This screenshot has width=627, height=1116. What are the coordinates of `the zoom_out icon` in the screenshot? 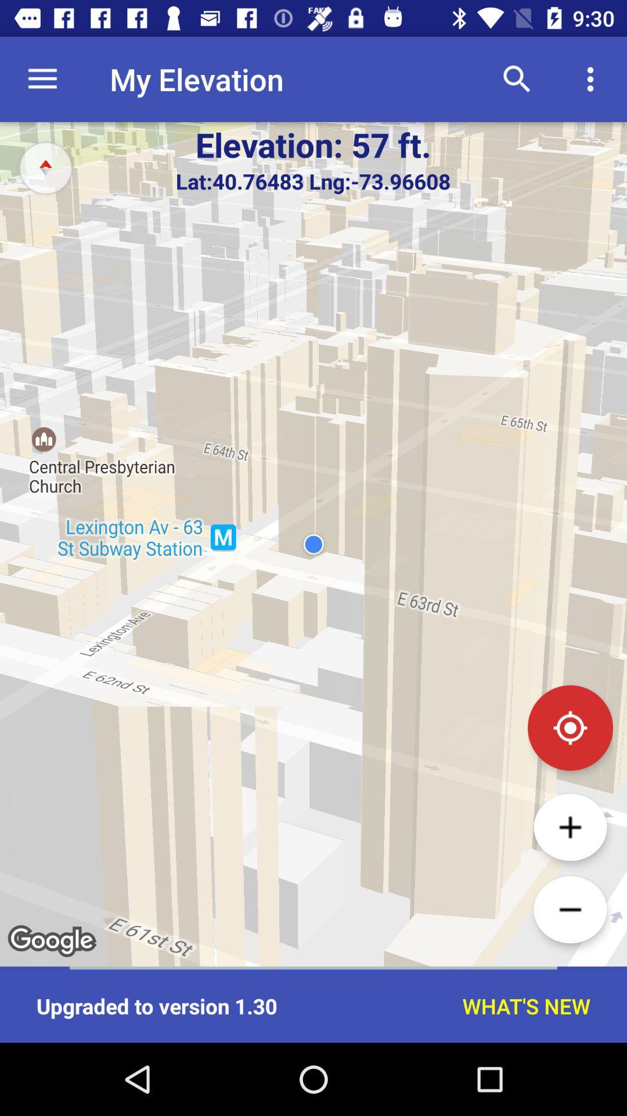 It's located at (570, 909).